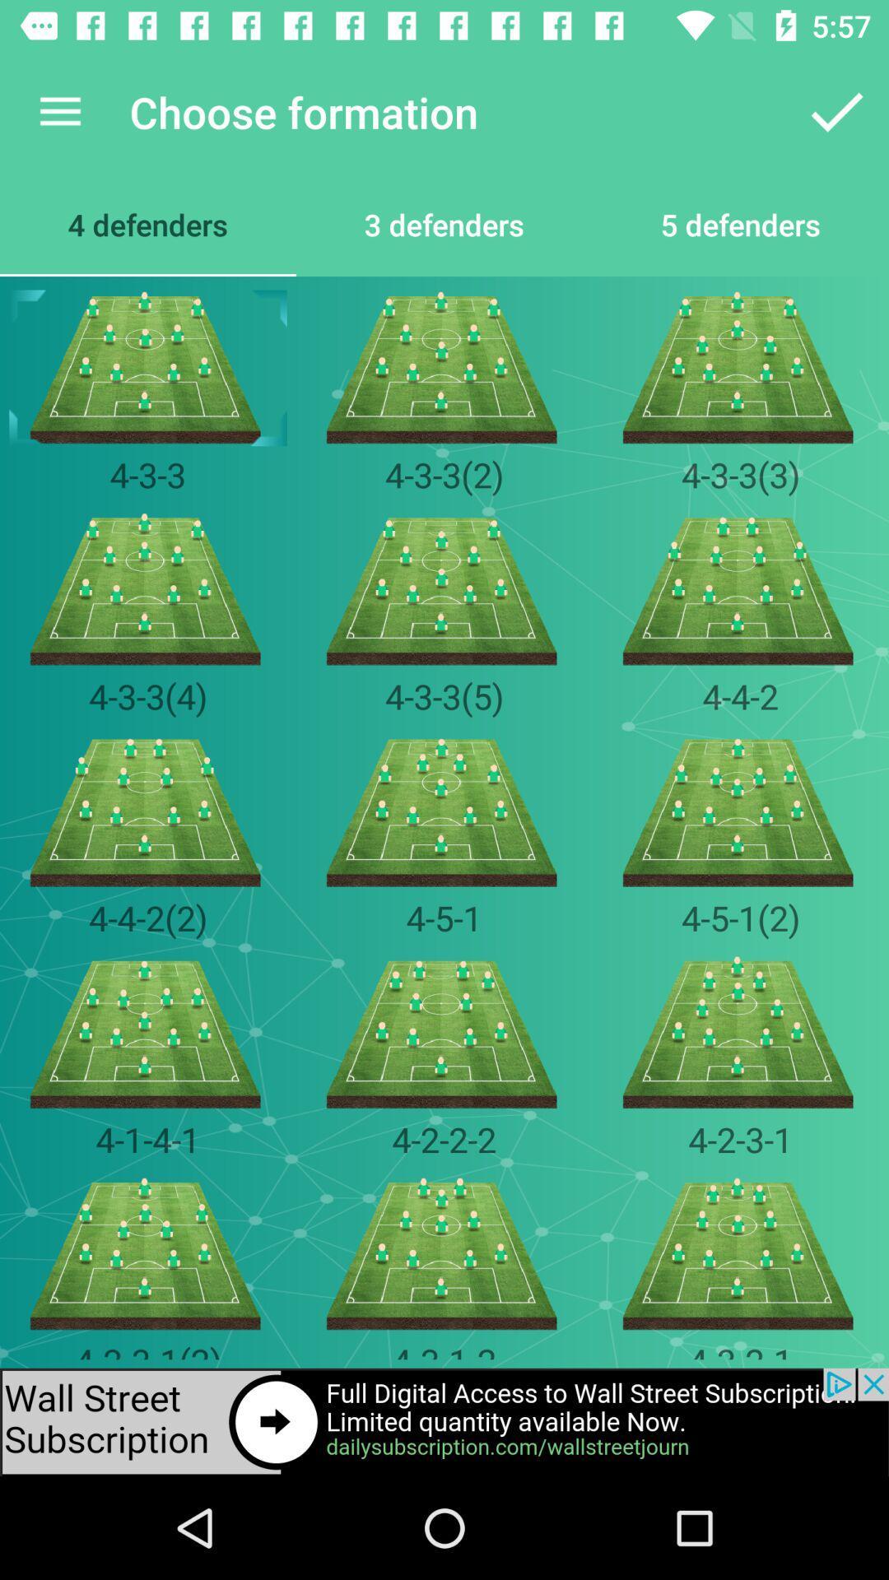 Image resolution: width=889 pixels, height=1580 pixels. I want to click on advertisement page, so click(444, 1421).